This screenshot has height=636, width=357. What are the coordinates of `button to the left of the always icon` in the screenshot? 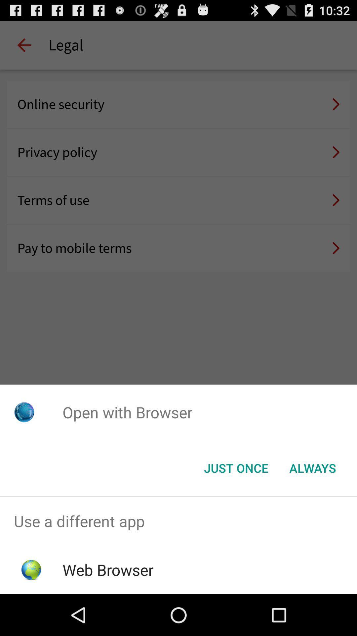 It's located at (236, 467).